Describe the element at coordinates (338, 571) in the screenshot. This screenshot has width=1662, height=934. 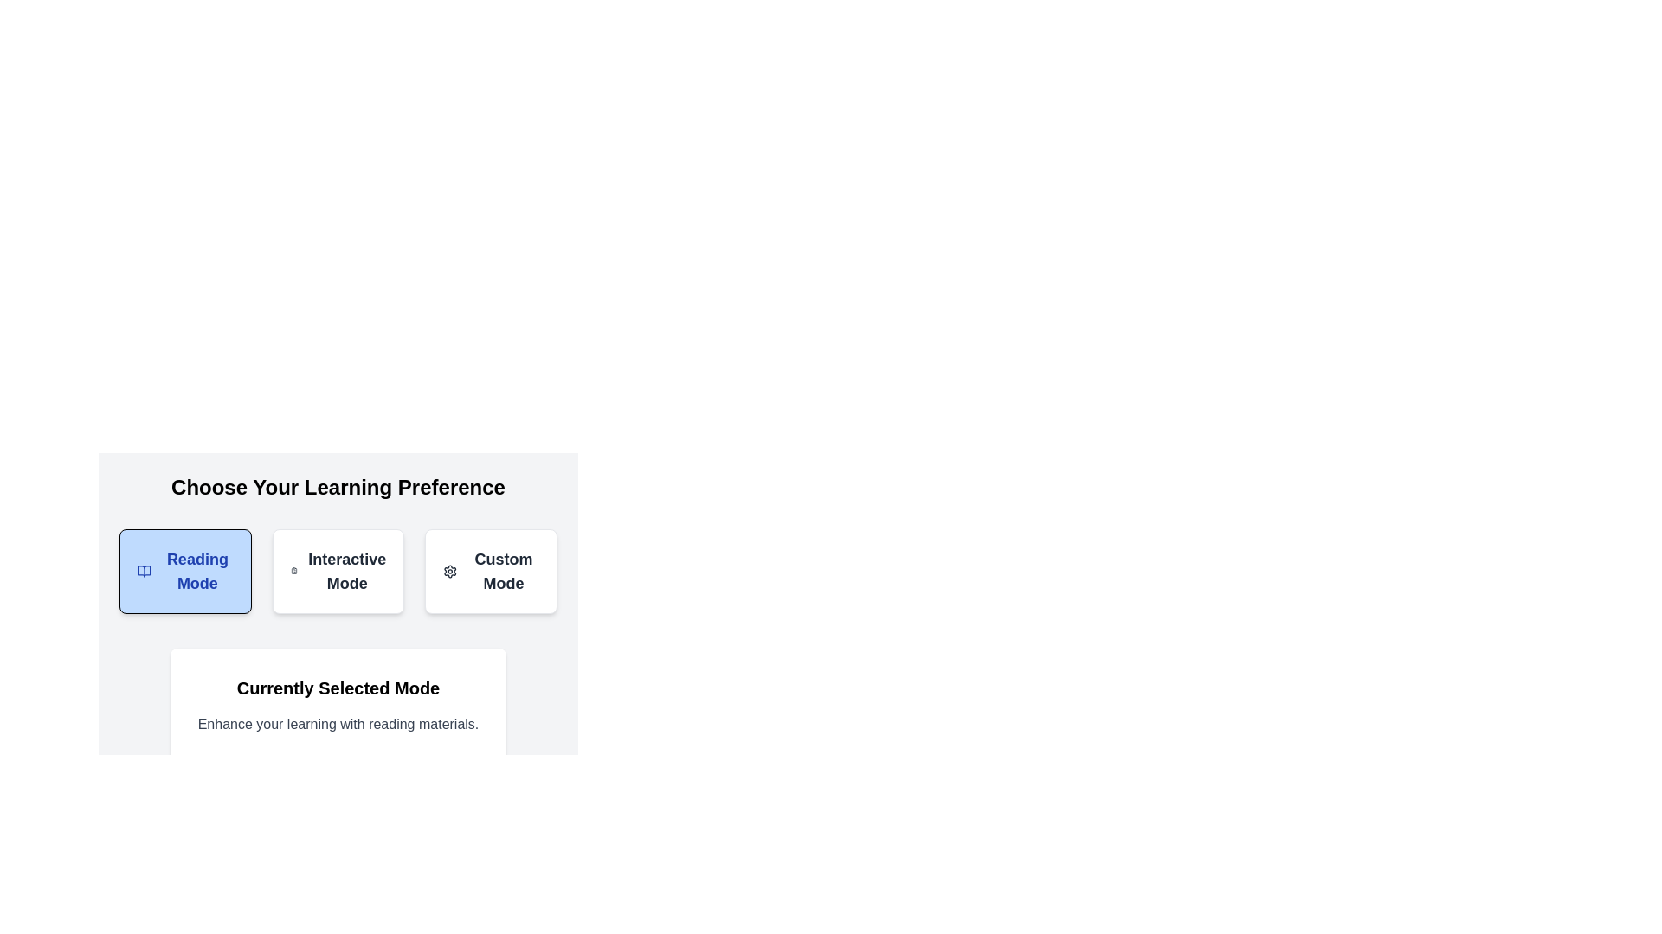
I see `the learning mode Interactive Mode` at that location.